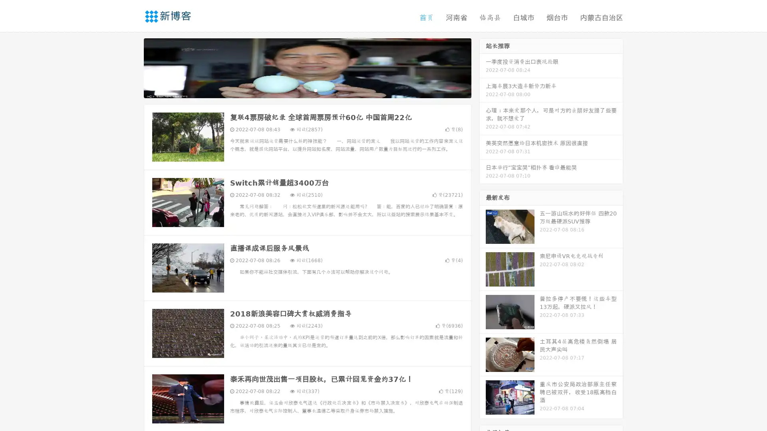  What do you see at coordinates (483, 67) in the screenshot?
I see `Next slide` at bounding box center [483, 67].